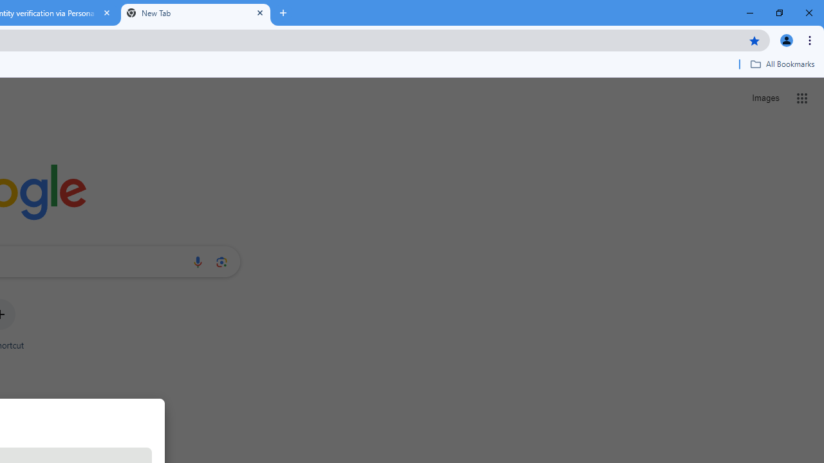  What do you see at coordinates (195, 13) in the screenshot?
I see `'New Tab'` at bounding box center [195, 13].